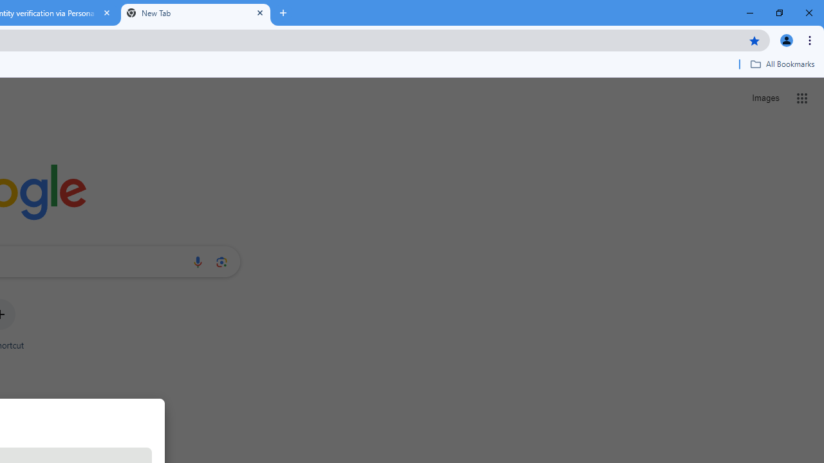  What do you see at coordinates (195, 13) in the screenshot?
I see `'New Tab'` at bounding box center [195, 13].